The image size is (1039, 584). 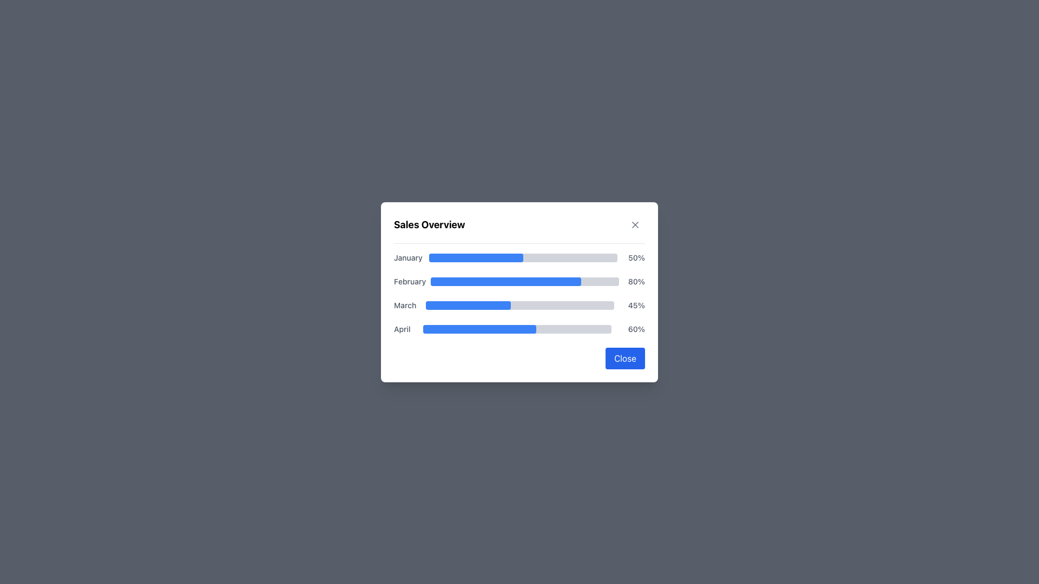 What do you see at coordinates (479, 328) in the screenshot?
I see `the Progress Bar styled with a blue fill under the label 'April' in a list of progress bars` at bounding box center [479, 328].